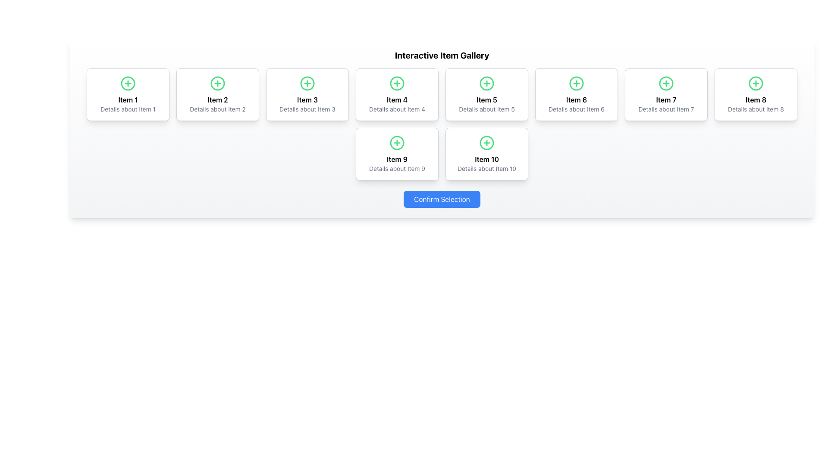 The width and height of the screenshot is (828, 465). Describe the element at coordinates (307, 83) in the screenshot. I see `the circular green outlined button with a plus sign located at the top center of the 'Item 3' card` at that location.